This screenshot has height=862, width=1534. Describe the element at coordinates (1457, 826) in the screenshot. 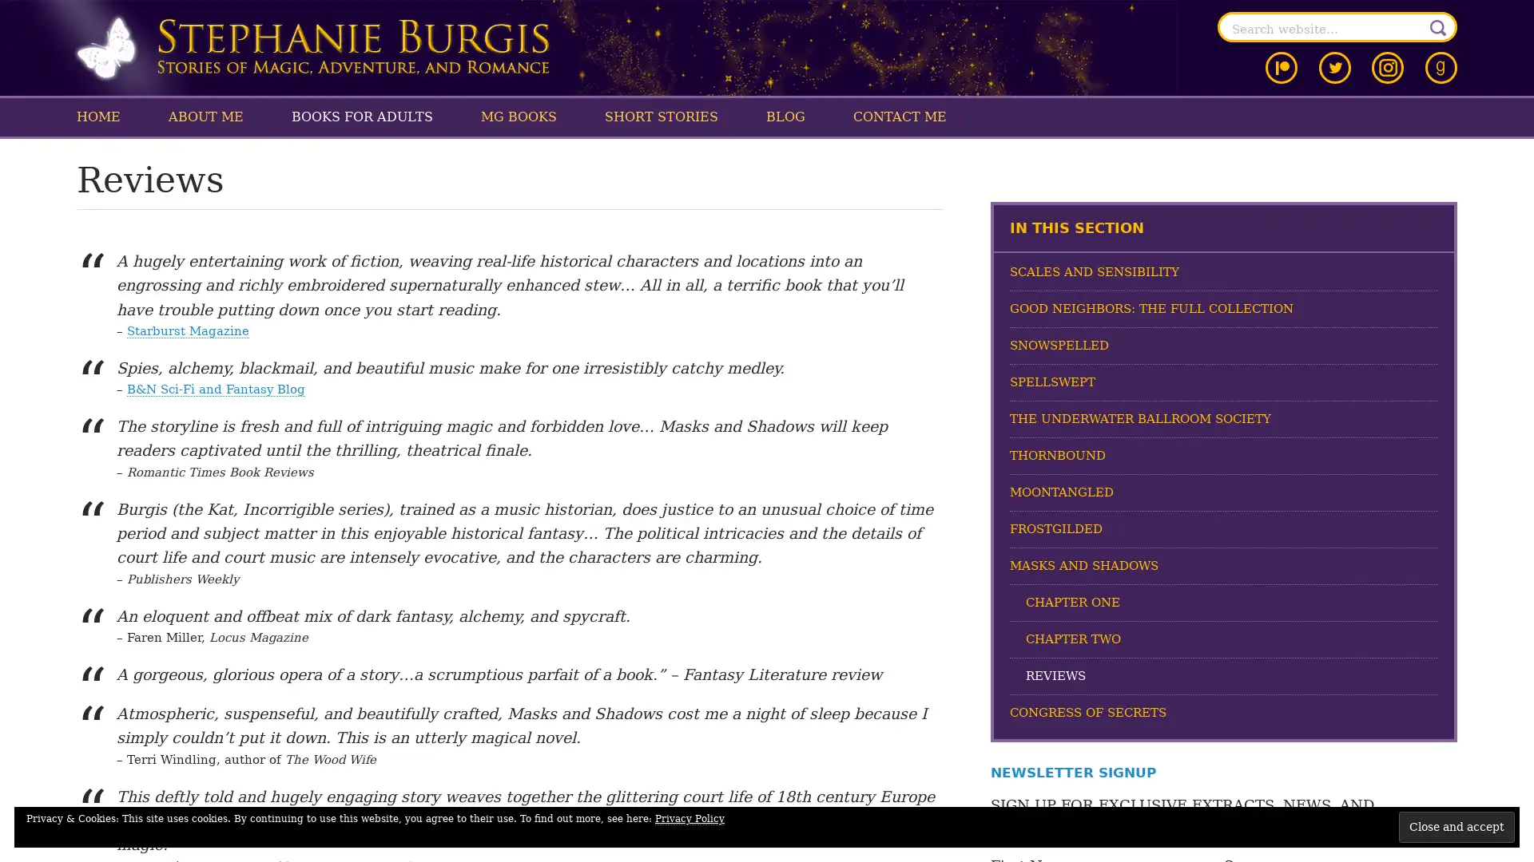

I see `Close and accept` at that location.